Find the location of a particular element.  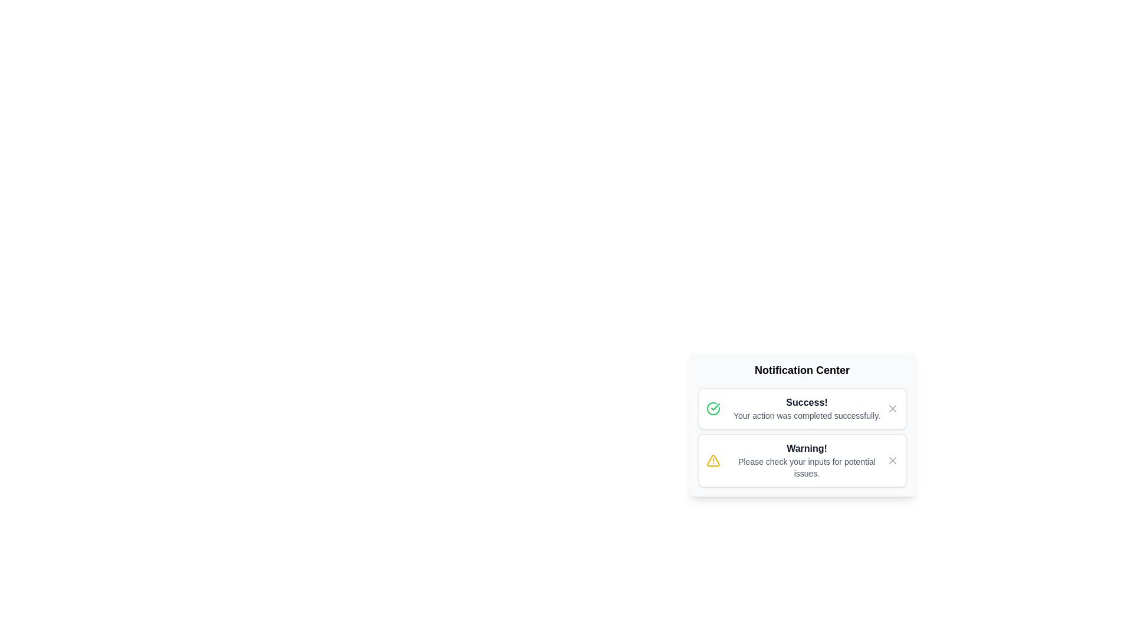

the 'Notification Center' heading and retrieve its text content is located at coordinates (802, 370).